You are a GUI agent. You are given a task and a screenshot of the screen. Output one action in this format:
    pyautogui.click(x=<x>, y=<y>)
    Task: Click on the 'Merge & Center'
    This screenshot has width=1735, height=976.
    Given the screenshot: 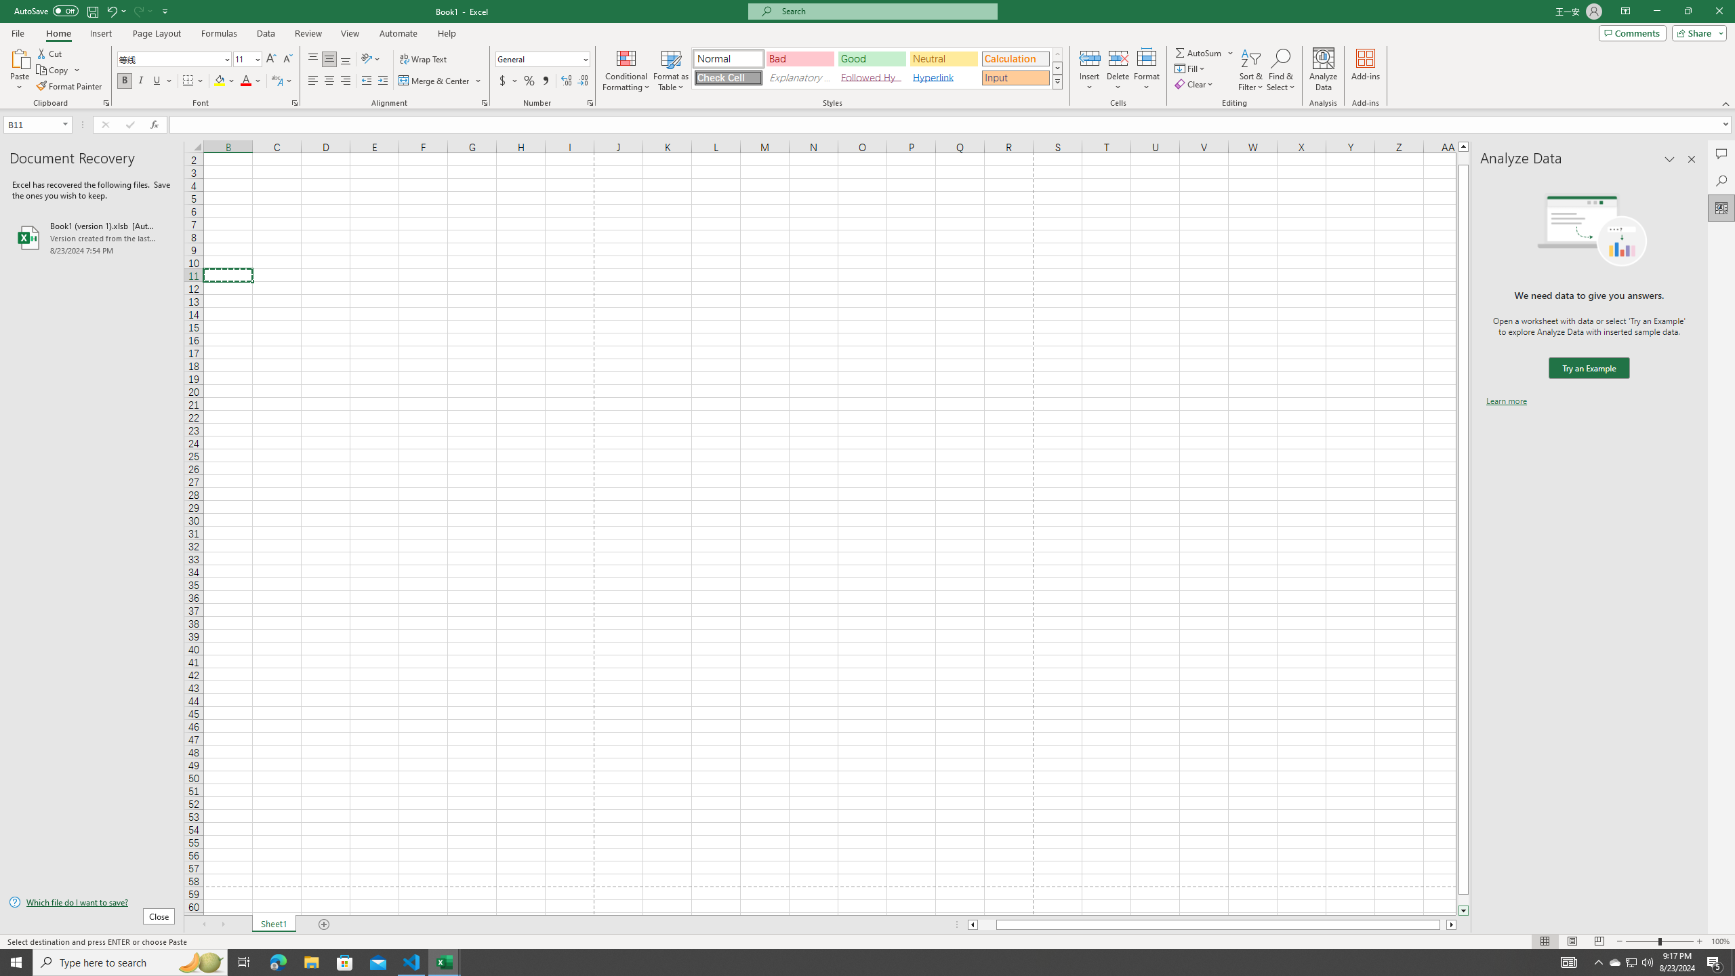 What is the action you would take?
    pyautogui.click(x=434, y=80)
    